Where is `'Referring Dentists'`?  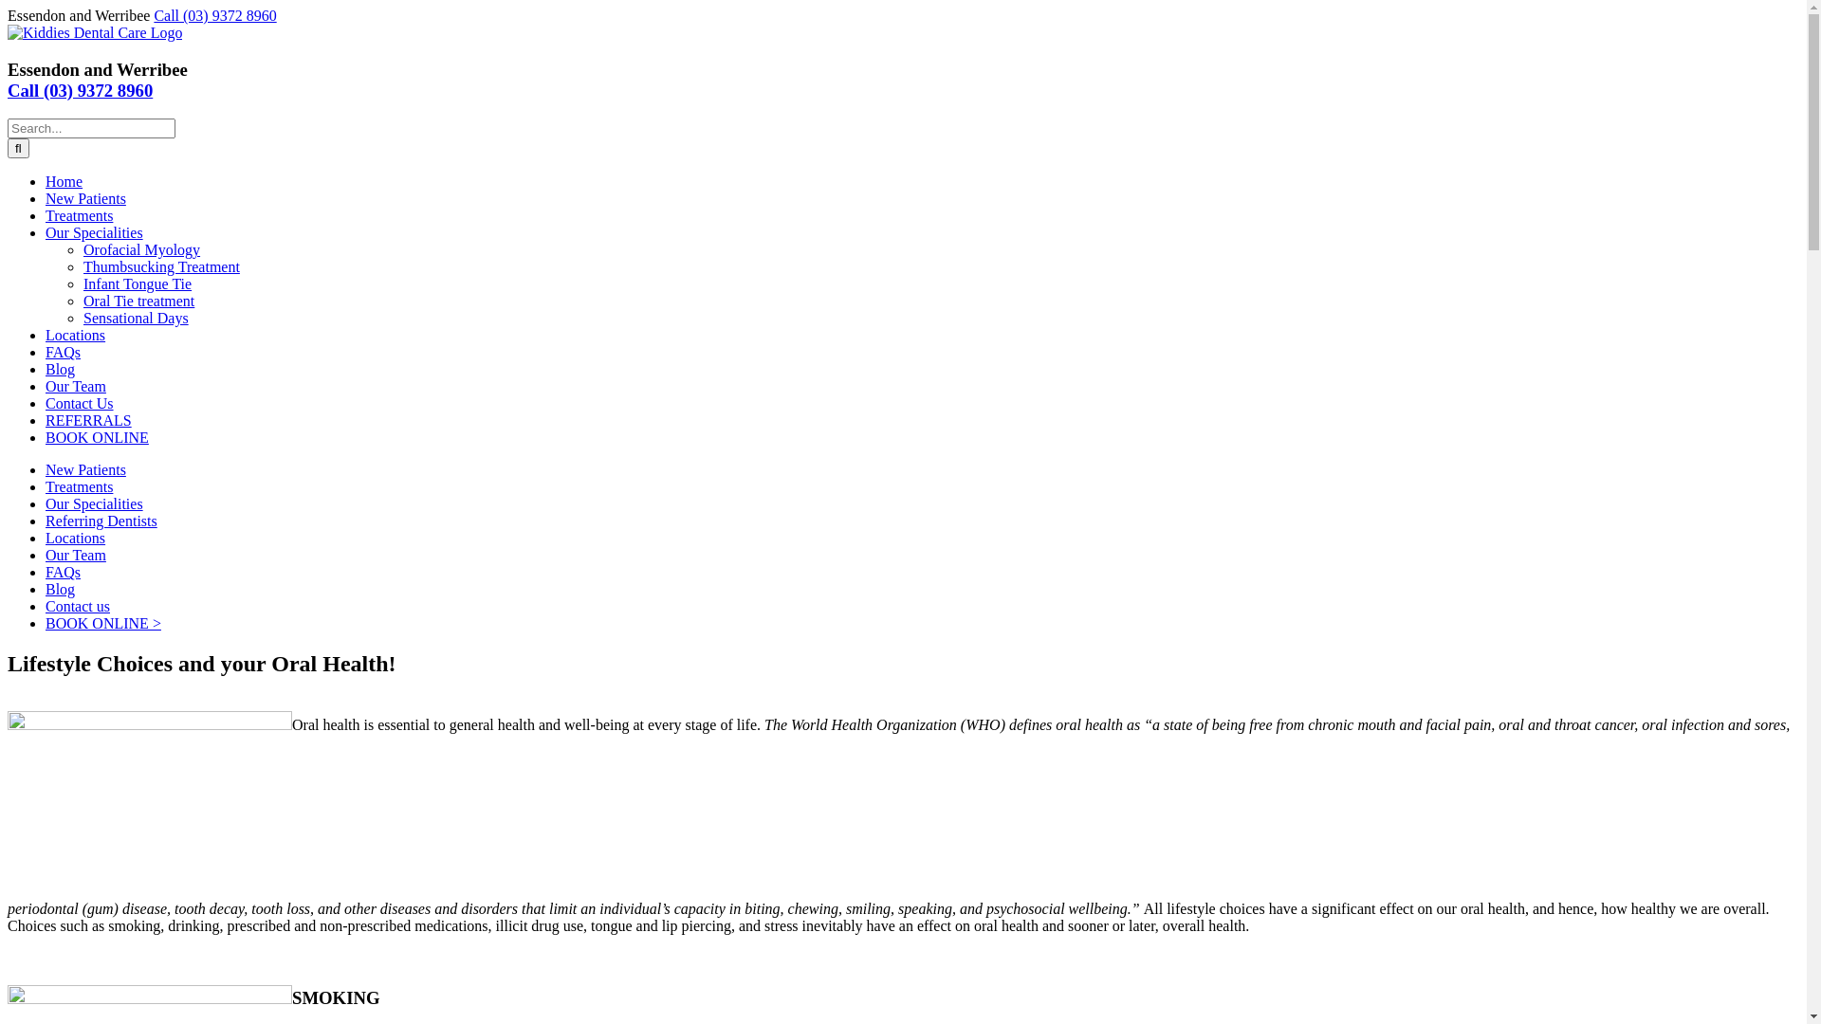 'Referring Dentists' is located at coordinates (46, 521).